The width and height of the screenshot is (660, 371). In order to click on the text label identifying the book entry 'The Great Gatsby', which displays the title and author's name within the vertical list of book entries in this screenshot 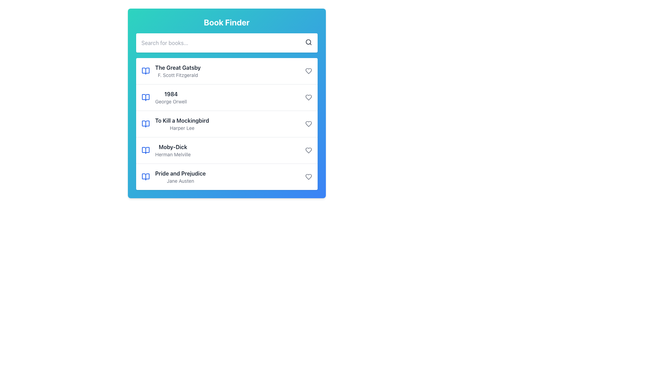, I will do `click(171, 98)`.